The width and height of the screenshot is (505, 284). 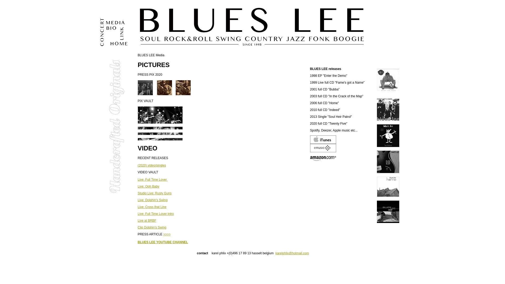 What do you see at coordinates (166, 234) in the screenshot?
I see `'>>>>'` at bounding box center [166, 234].